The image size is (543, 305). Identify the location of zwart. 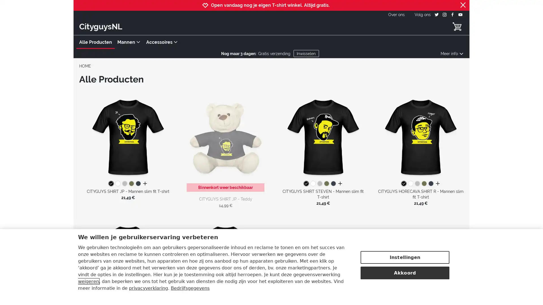
(403, 184).